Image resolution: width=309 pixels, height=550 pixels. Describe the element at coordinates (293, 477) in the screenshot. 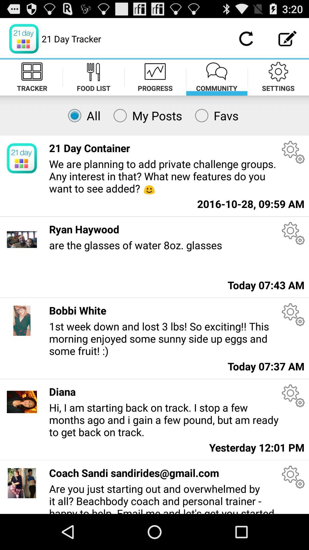

I see `options` at that location.